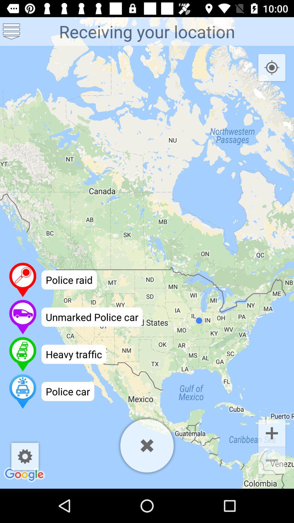 Image resolution: width=294 pixels, height=523 pixels. I want to click on open menu, so click(11, 31).